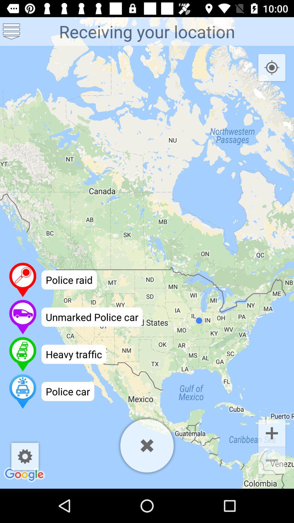 Image resolution: width=294 pixels, height=523 pixels. I want to click on open menu, so click(11, 31).